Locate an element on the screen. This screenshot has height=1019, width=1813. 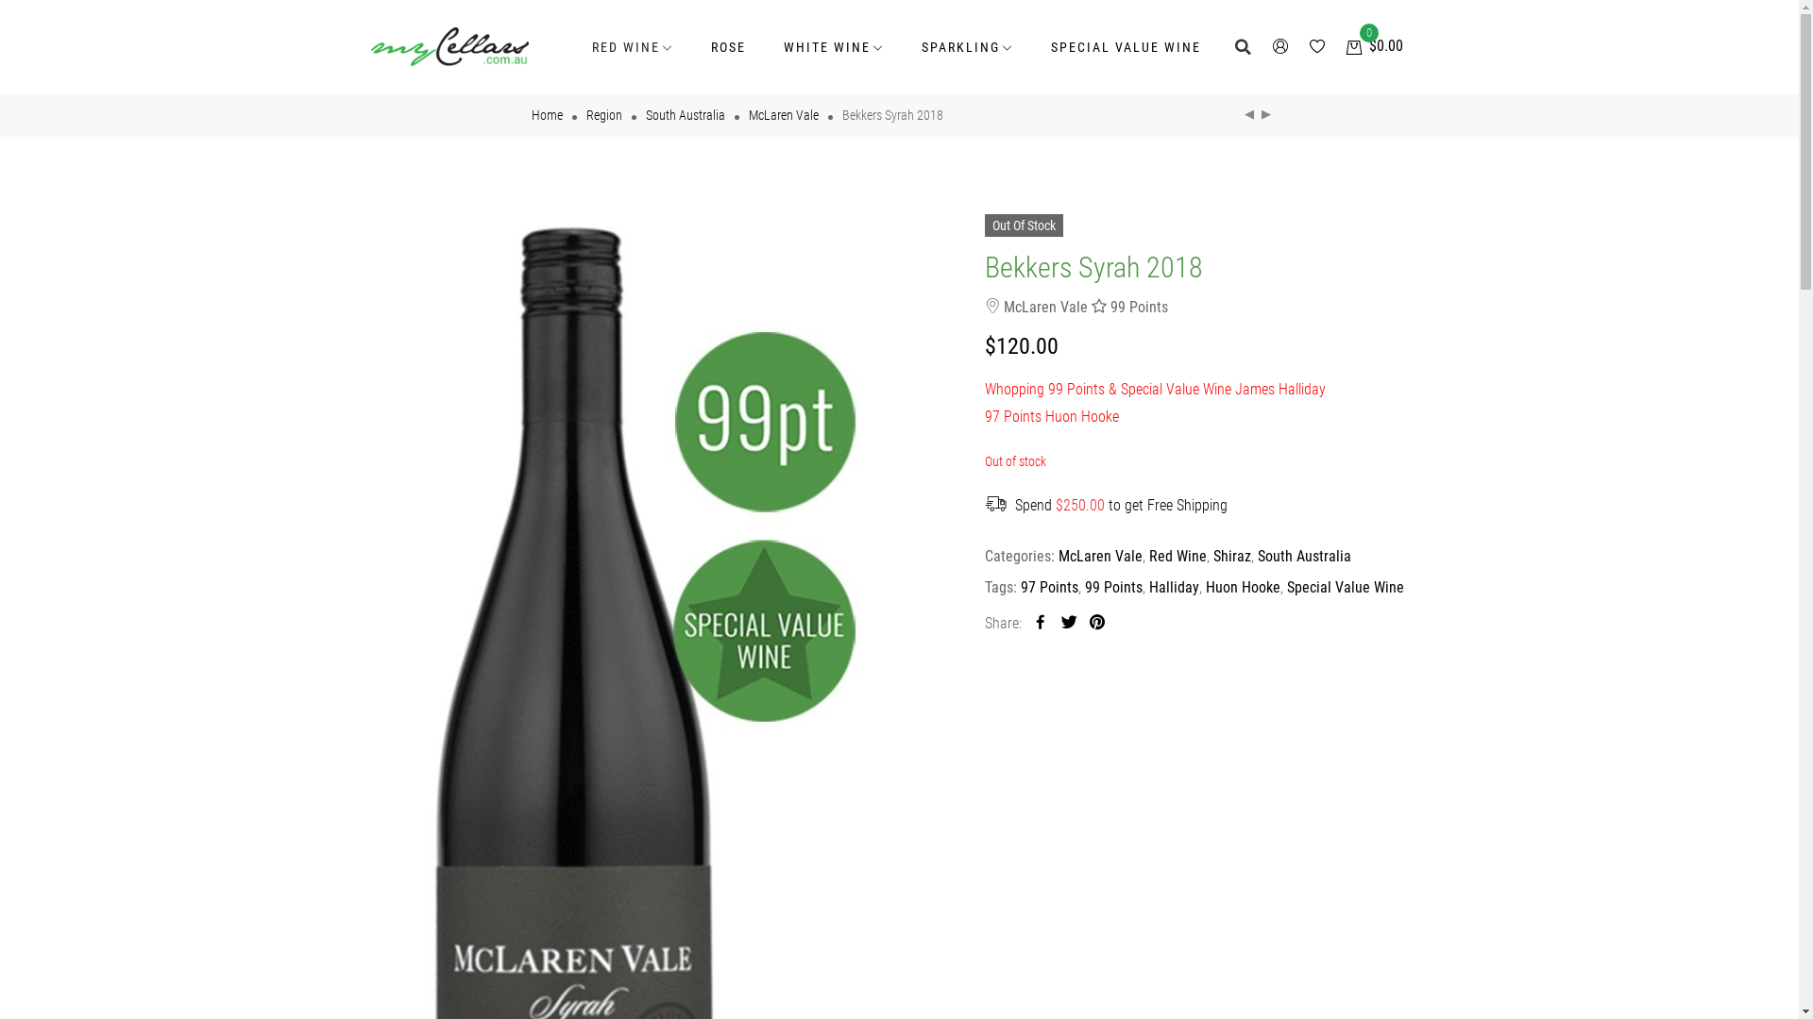
'RED WINE' is located at coordinates (571, 46).